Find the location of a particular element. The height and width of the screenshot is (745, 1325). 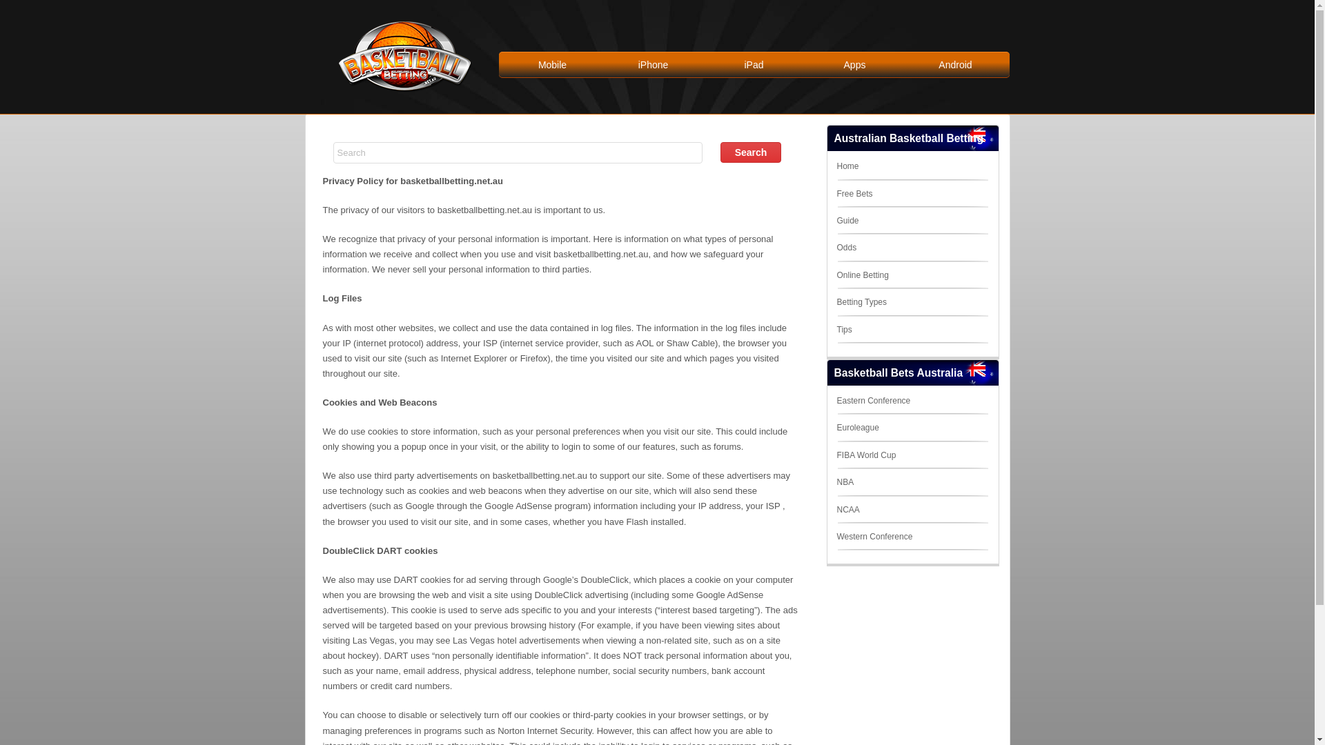

'Mobile' is located at coordinates (553, 64).